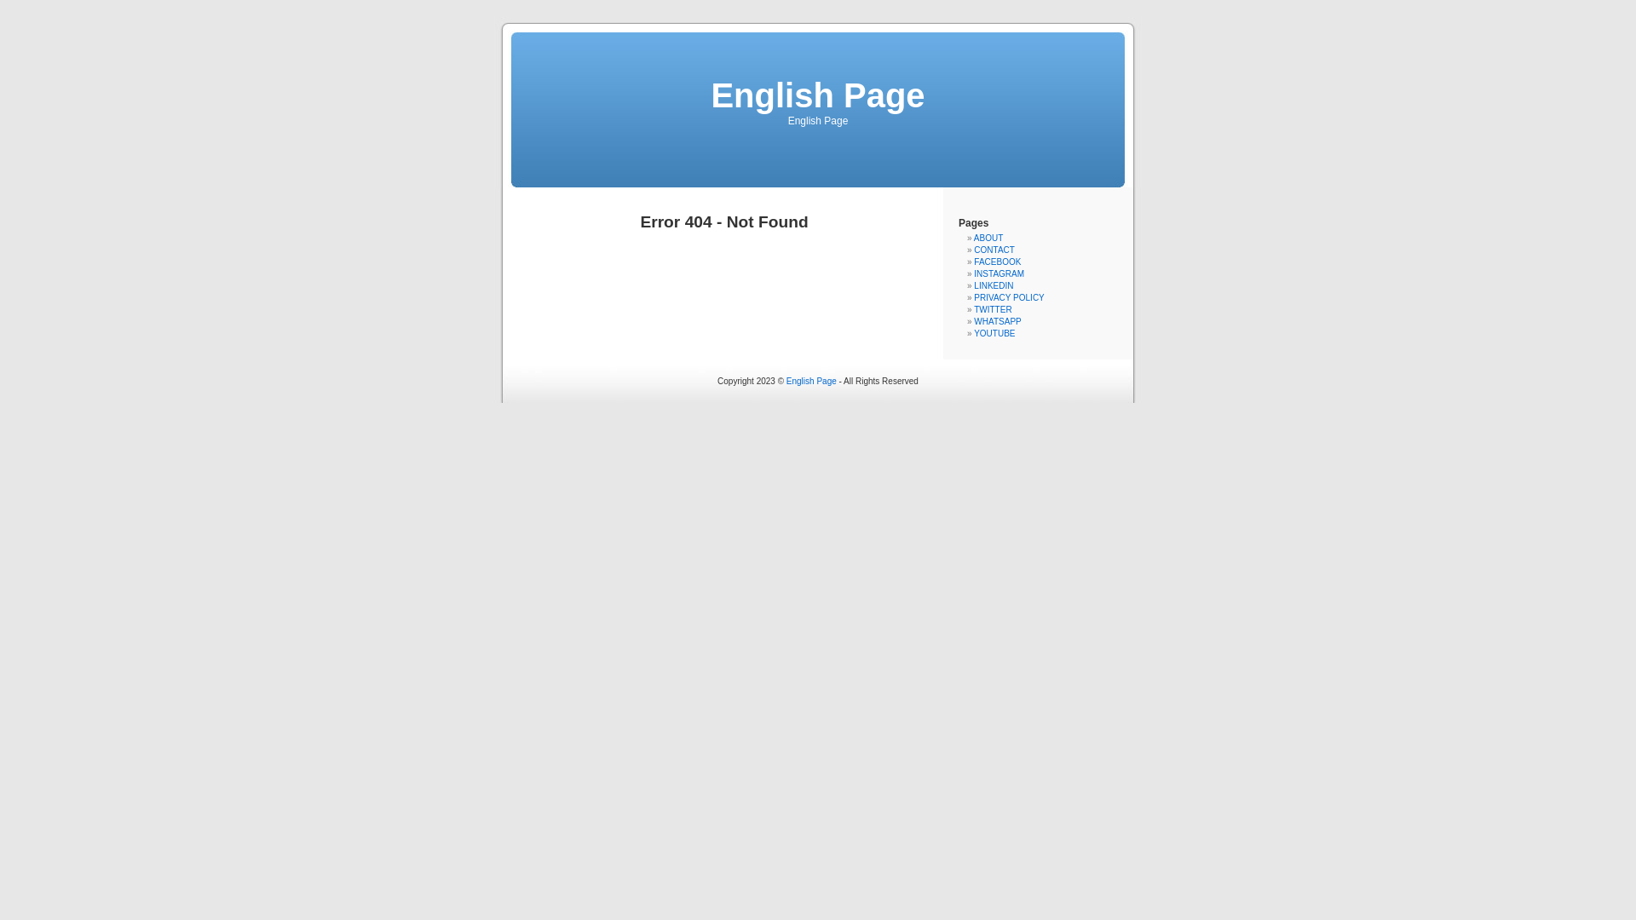 This screenshot has height=920, width=1636. What do you see at coordinates (973, 238) in the screenshot?
I see `'ABOUT'` at bounding box center [973, 238].